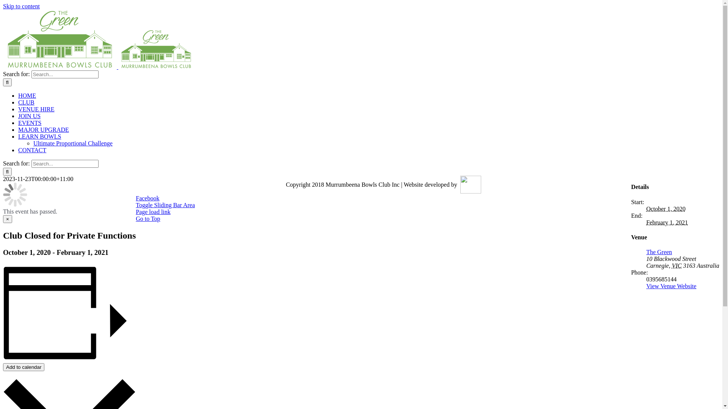  Describe the element at coordinates (646, 286) in the screenshot. I see `'View Venue Website'` at that location.